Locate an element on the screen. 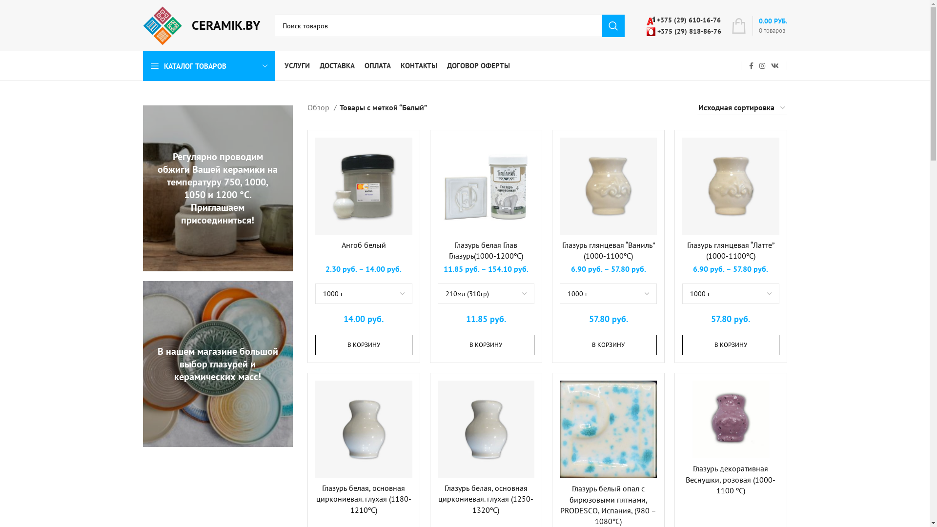 The image size is (937, 527). '+375 (29) 610-16-76 is located at coordinates (683, 25).